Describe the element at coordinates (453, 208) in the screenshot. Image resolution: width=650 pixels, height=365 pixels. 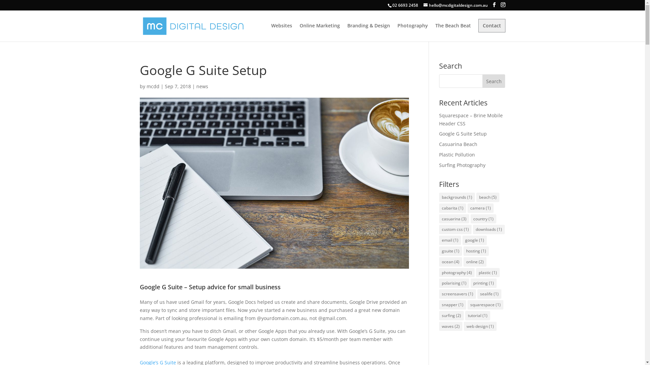
I see `'cabarita (1)'` at that location.